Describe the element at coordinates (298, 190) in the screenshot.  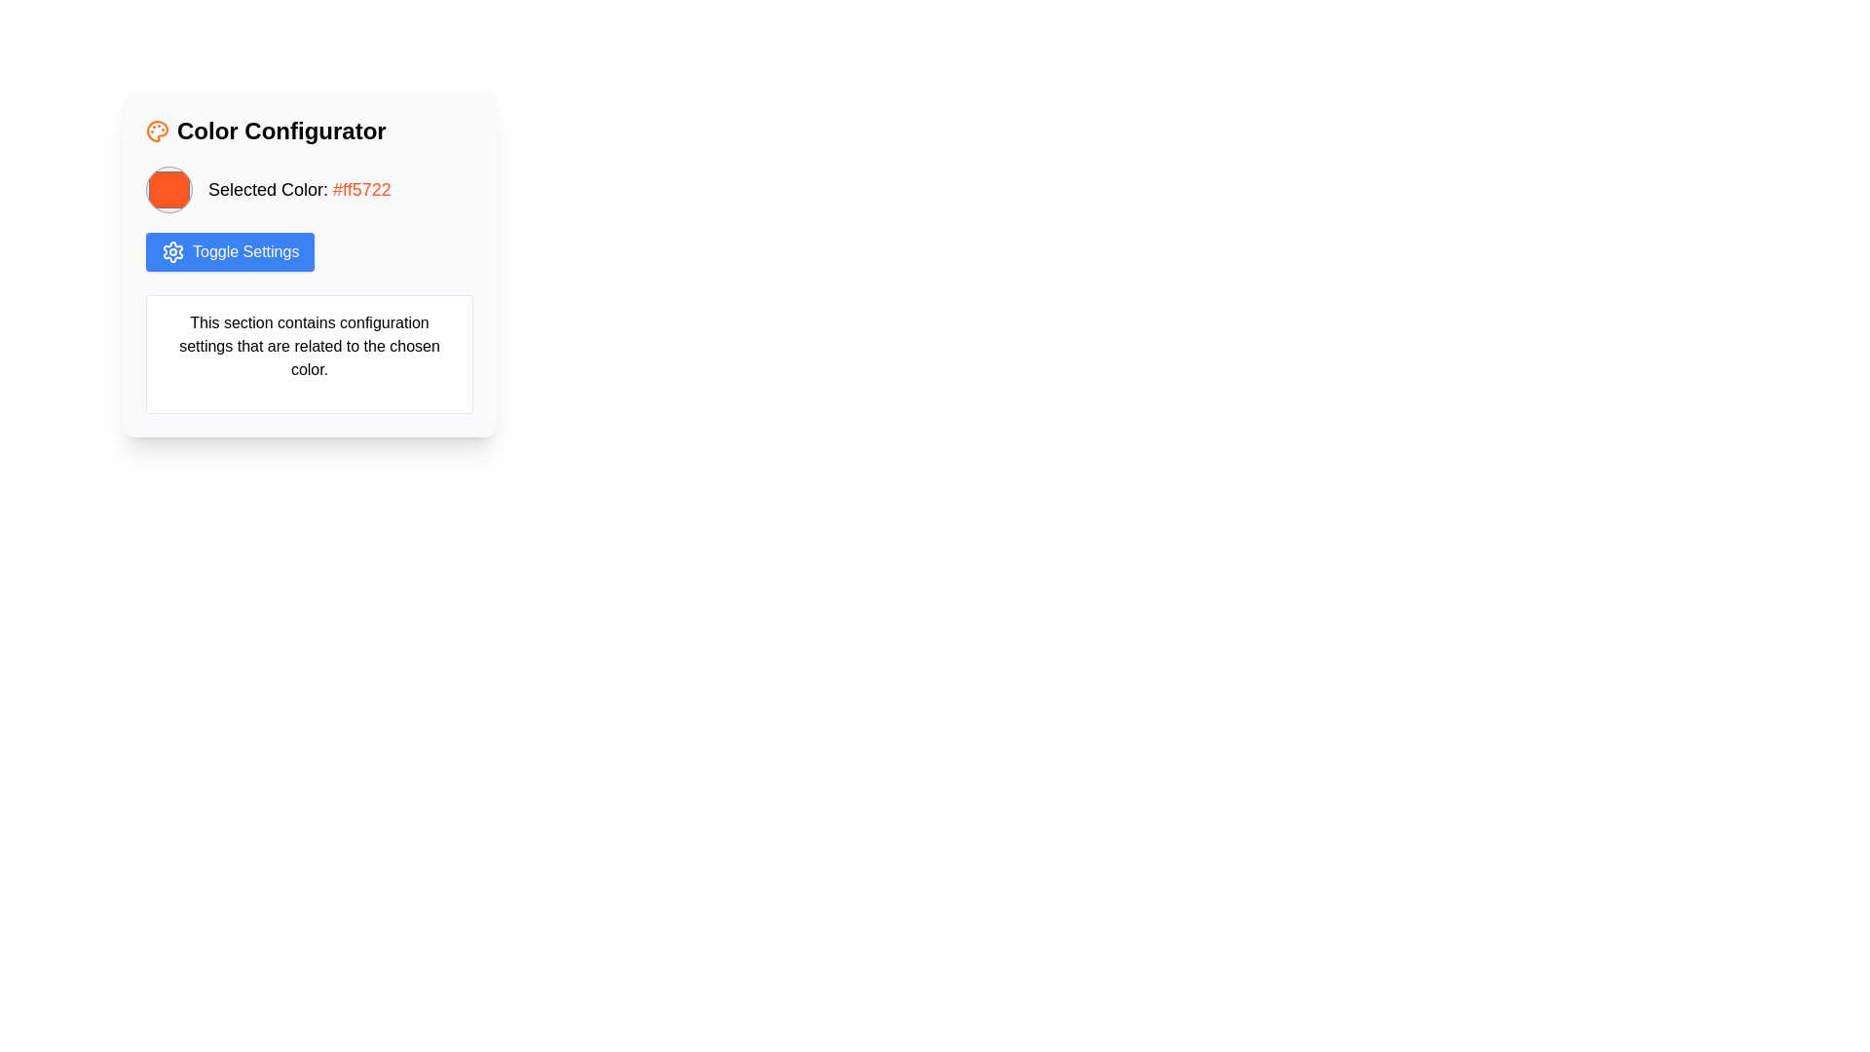
I see `color information displayed in the text label 'Selected Color: #ff5722' located within the 'Color Configurator' section, positioned between the color circle and the 'Toggle Settings' button` at that location.